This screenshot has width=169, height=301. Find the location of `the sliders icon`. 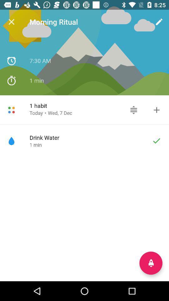

the sliders icon is located at coordinates (133, 110).